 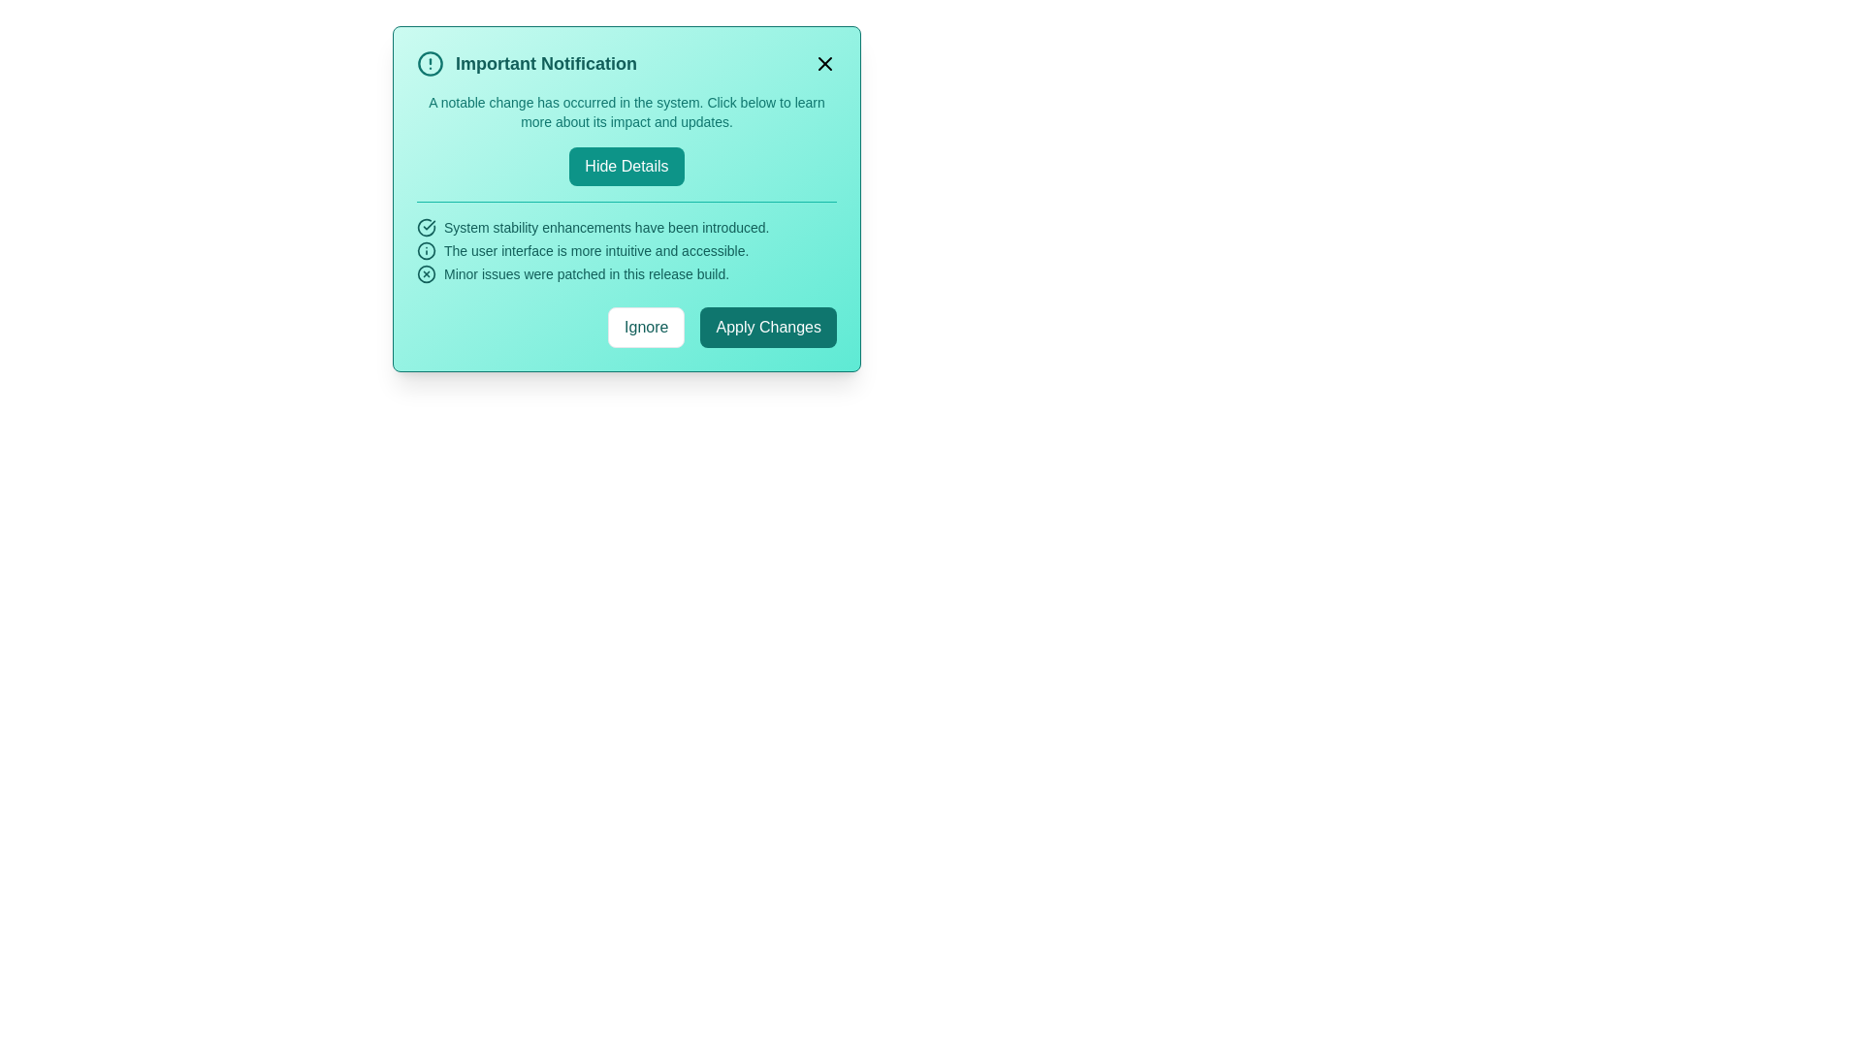 What do you see at coordinates (824, 62) in the screenshot?
I see `the close button located at the top-right corner of the 'Important Notification' card` at bounding box center [824, 62].